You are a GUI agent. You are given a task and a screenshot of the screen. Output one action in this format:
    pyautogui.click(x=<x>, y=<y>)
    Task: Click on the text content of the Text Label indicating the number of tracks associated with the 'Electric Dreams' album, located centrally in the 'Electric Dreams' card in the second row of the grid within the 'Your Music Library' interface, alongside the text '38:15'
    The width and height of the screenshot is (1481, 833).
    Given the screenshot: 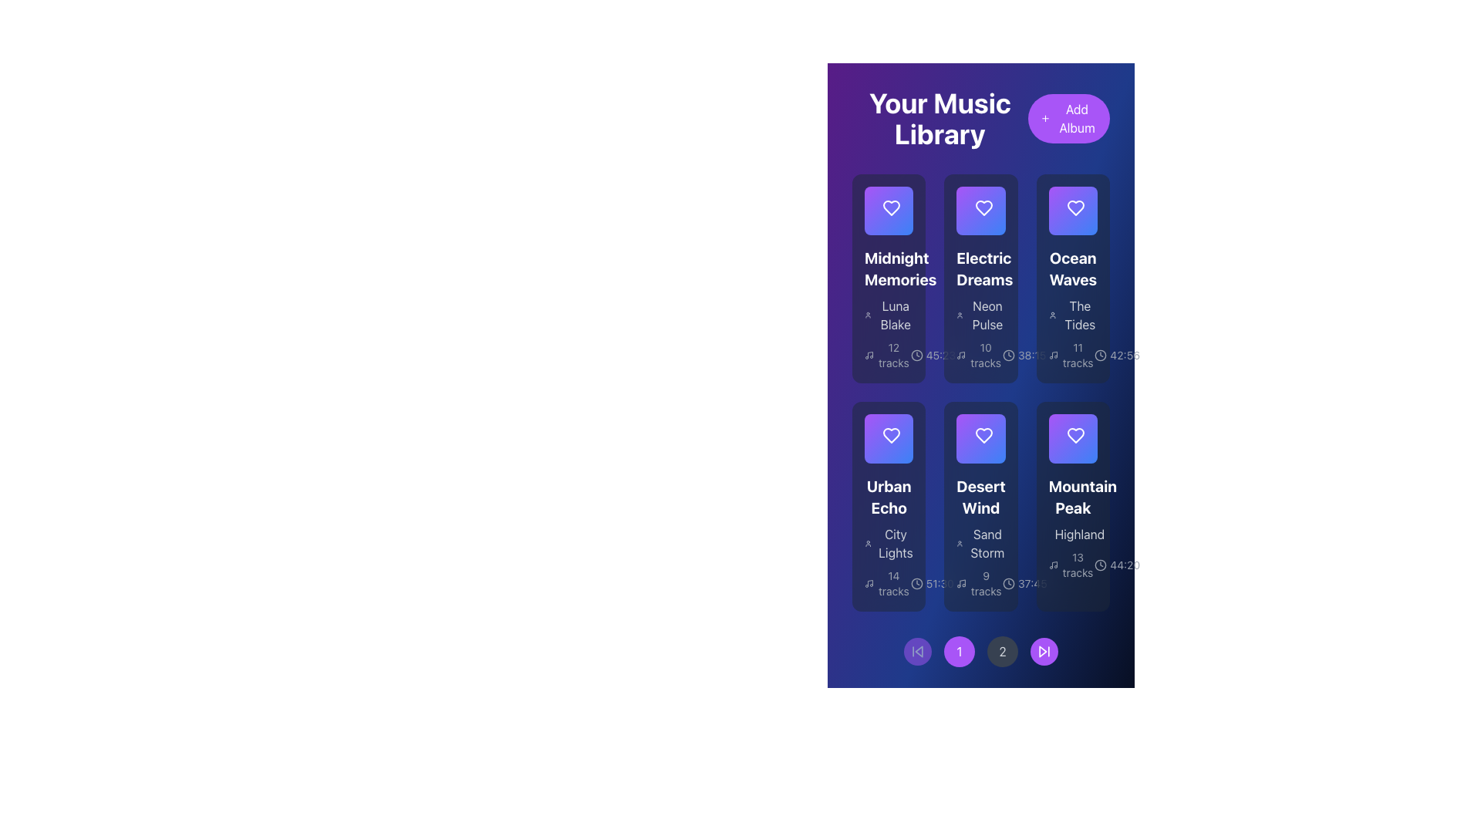 What is the action you would take?
    pyautogui.click(x=979, y=356)
    